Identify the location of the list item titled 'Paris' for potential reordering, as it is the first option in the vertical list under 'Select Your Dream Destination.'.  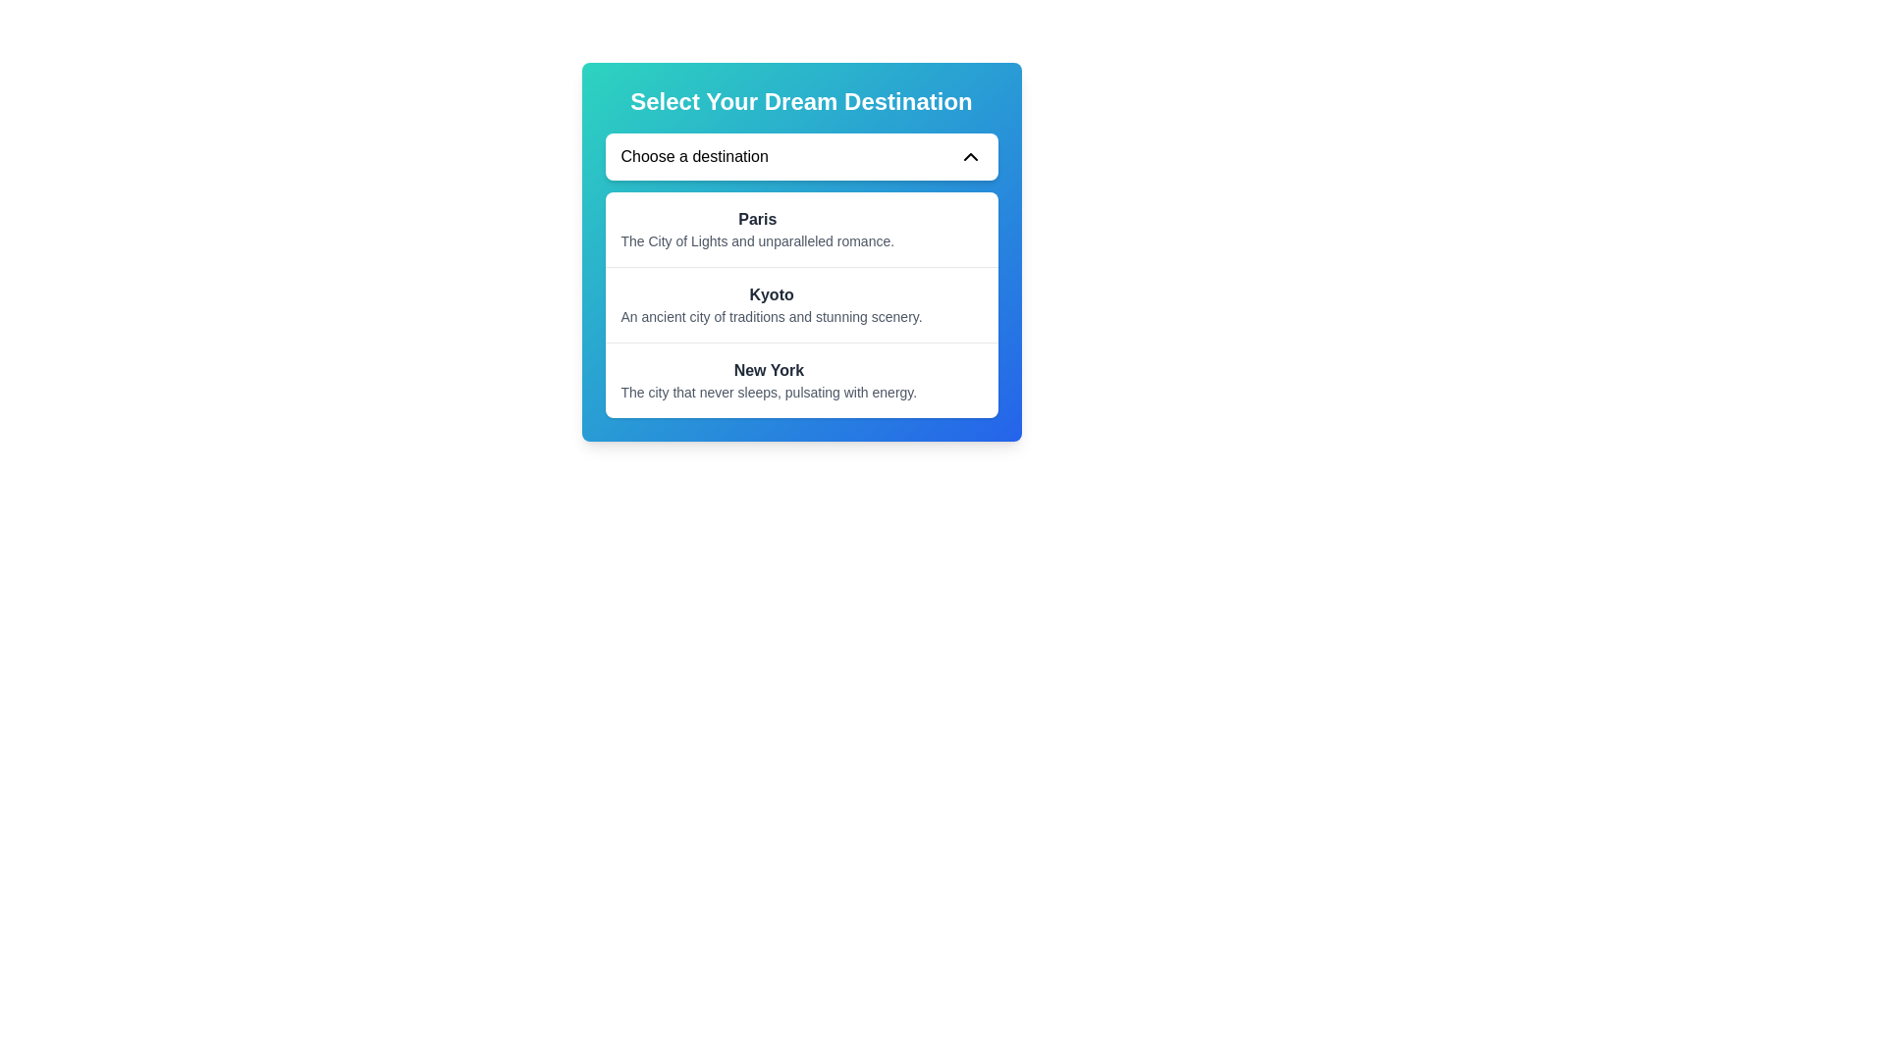
(756, 229).